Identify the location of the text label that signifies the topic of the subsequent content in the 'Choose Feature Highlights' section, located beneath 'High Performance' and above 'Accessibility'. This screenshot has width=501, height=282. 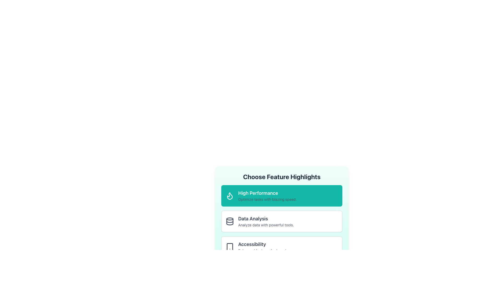
(266, 219).